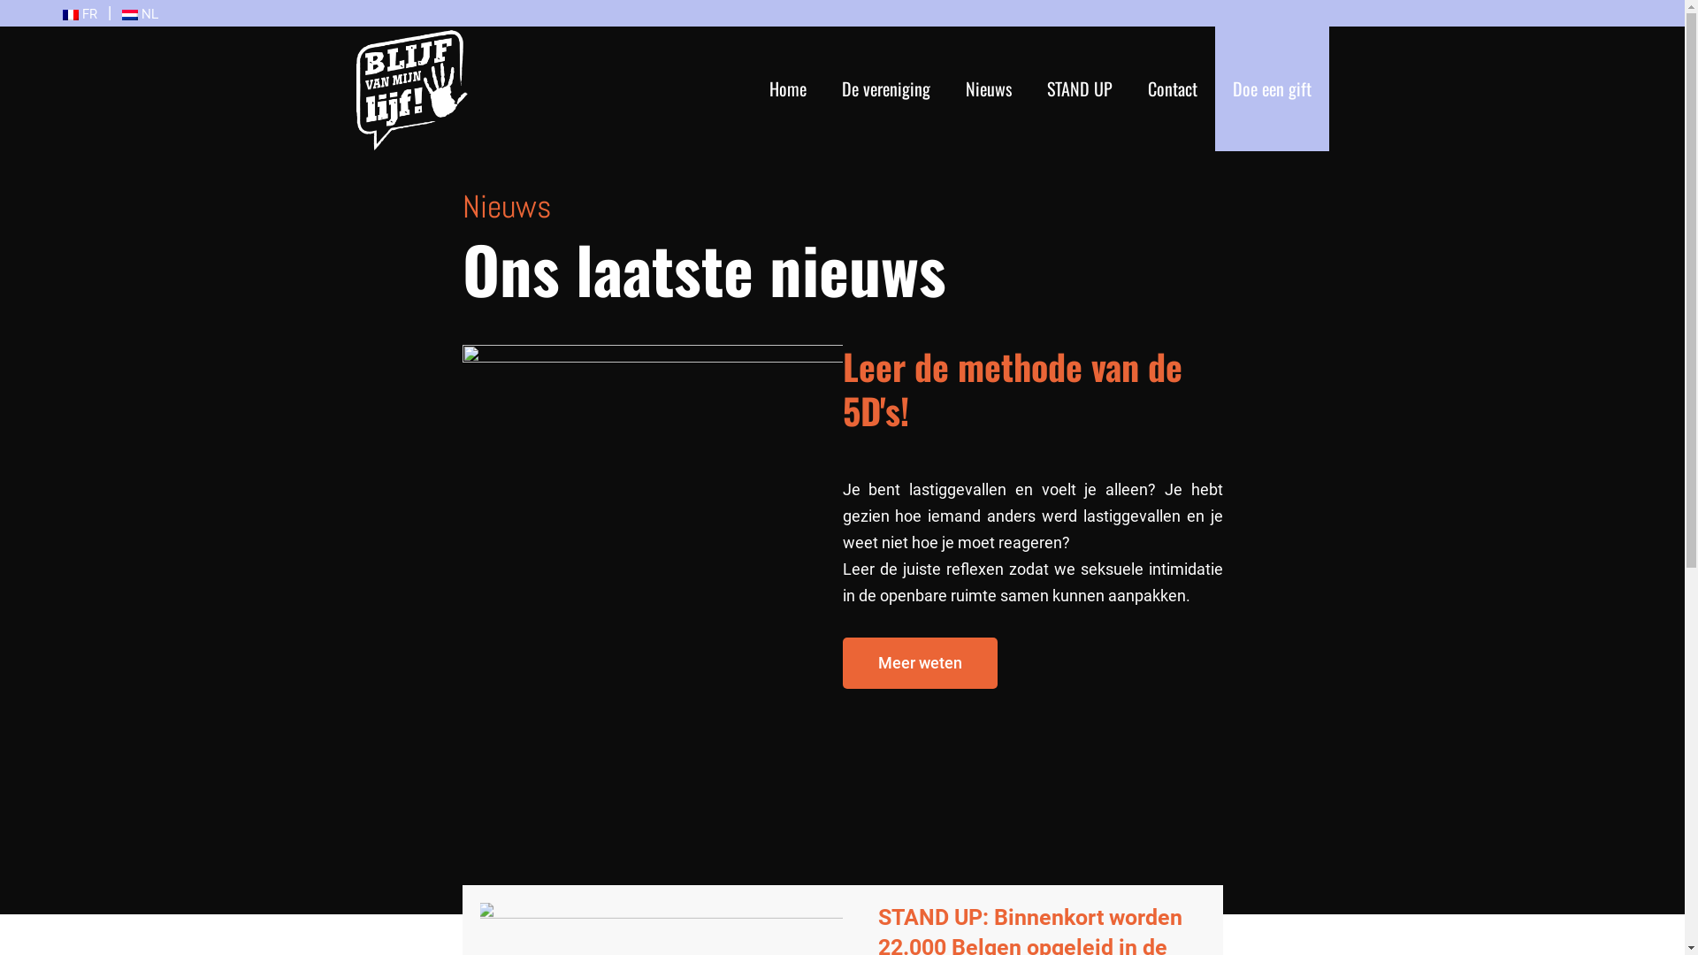 The height and width of the screenshot is (955, 1698). What do you see at coordinates (79, 13) in the screenshot?
I see `'FR'` at bounding box center [79, 13].